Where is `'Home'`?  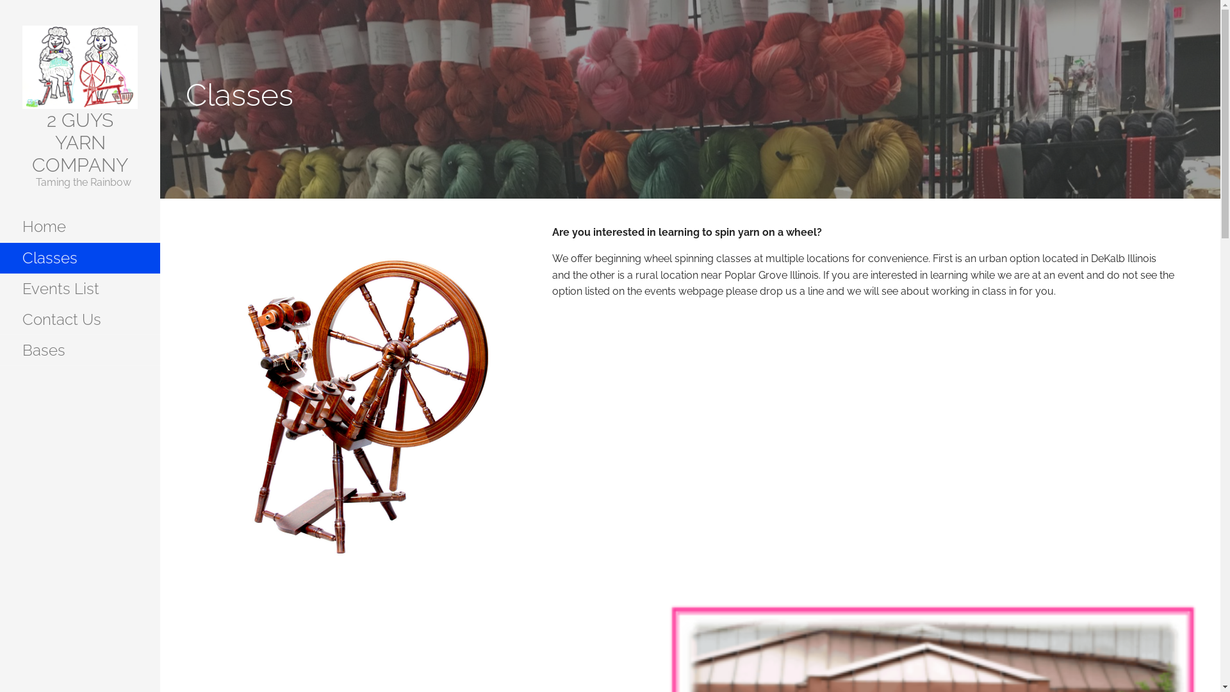 'Home' is located at coordinates (79, 226).